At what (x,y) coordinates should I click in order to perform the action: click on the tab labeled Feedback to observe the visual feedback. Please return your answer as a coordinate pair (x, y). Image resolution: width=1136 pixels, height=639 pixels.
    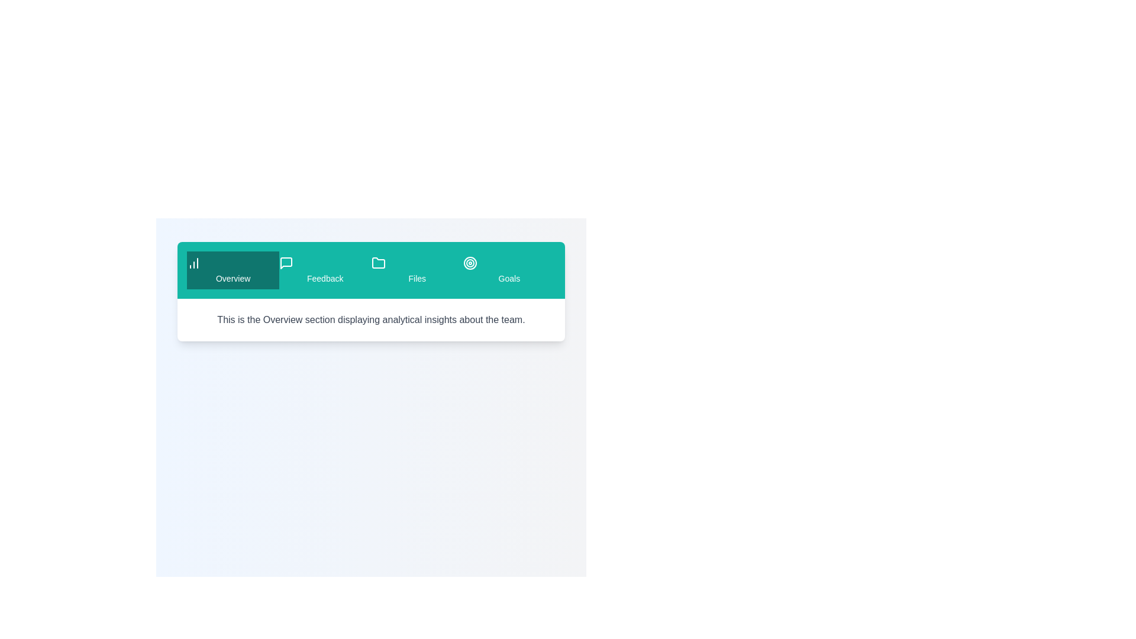
    Looking at the image, I should click on (325, 270).